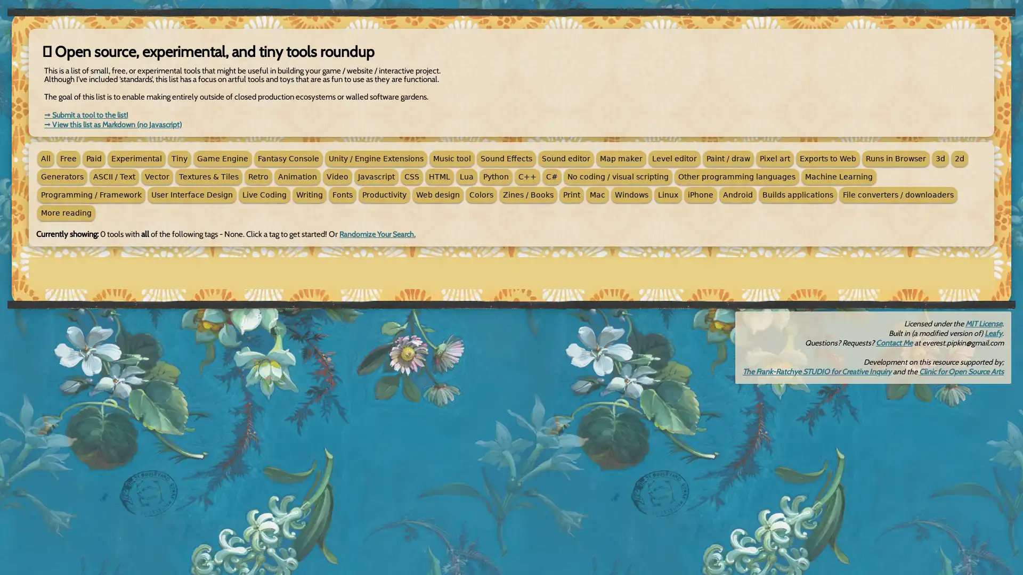  Describe the element at coordinates (940, 158) in the screenshot. I see `3d` at that location.